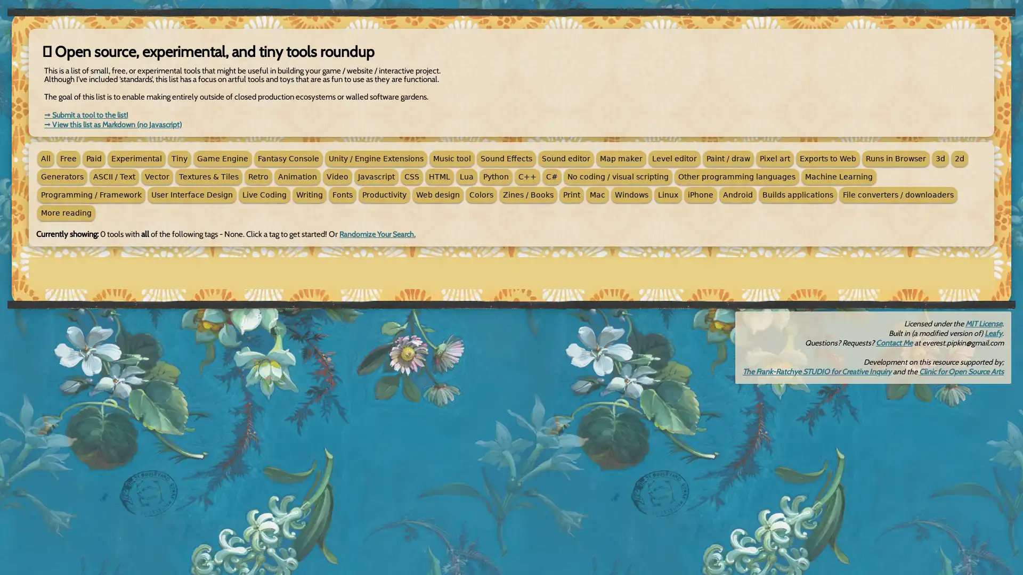  Describe the element at coordinates (940, 158) in the screenshot. I see `3d` at that location.